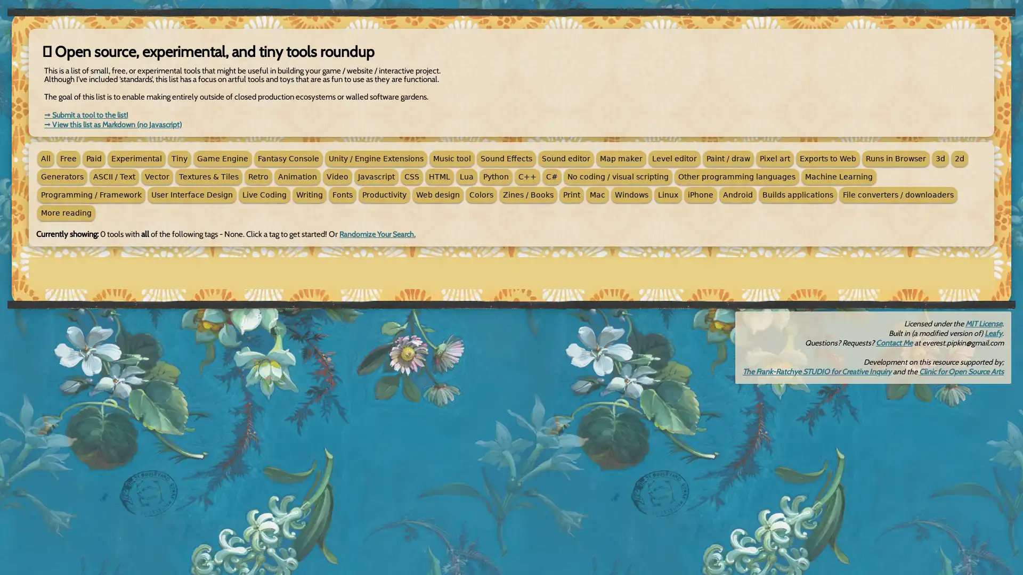  Describe the element at coordinates (940, 158) in the screenshot. I see `3d` at that location.